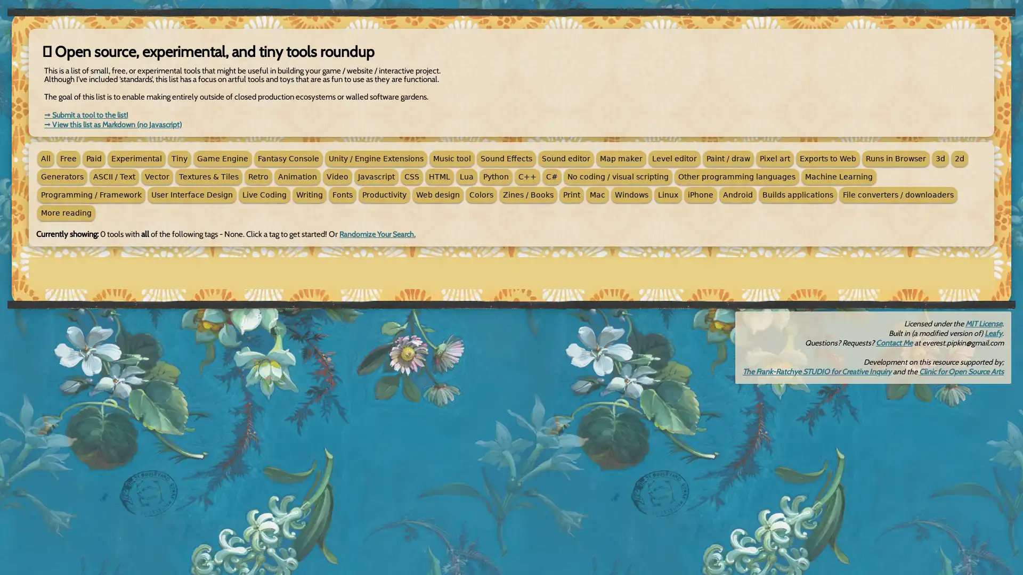  Describe the element at coordinates (940, 158) in the screenshot. I see `3d` at that location.